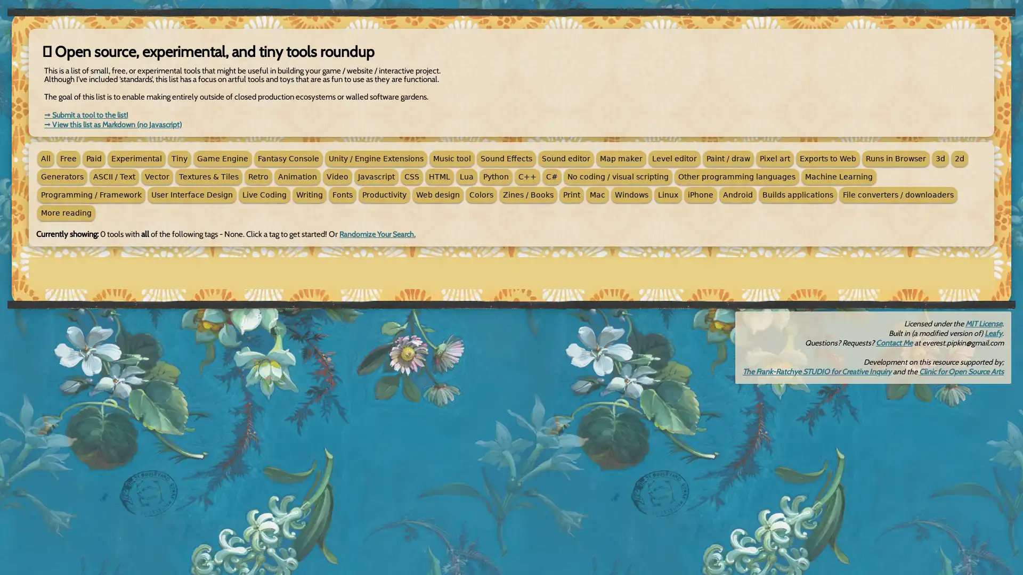  Describe the element at coordinates (940, 158) in the screenshot. I see `3d` at that location.